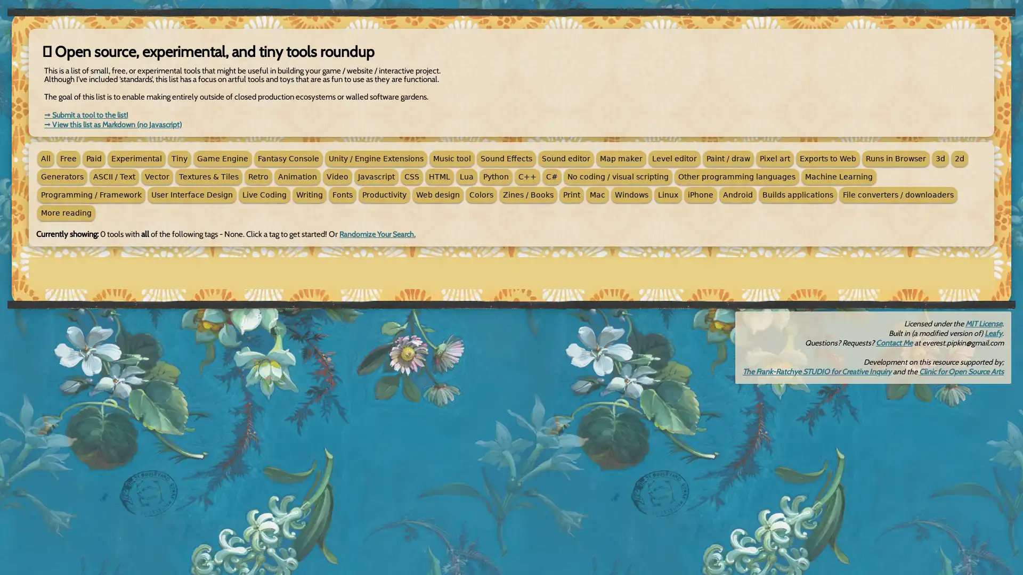  Describe the element at coordinates (940, 158) in the screenshot. I see `3d` at that location.